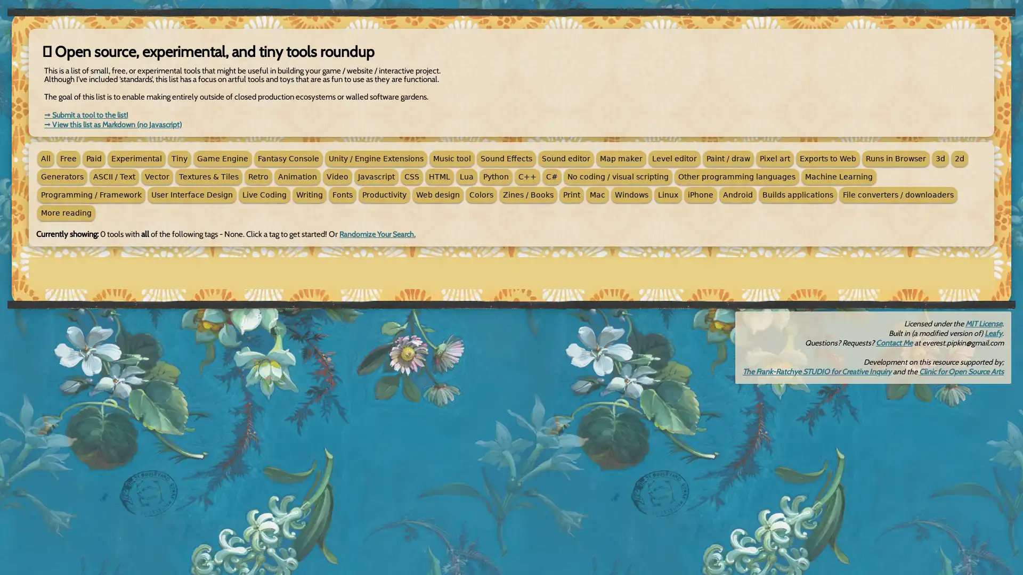  Describe the element at coordinates (940, 158) in the screenshot. I see `3d` at that location.